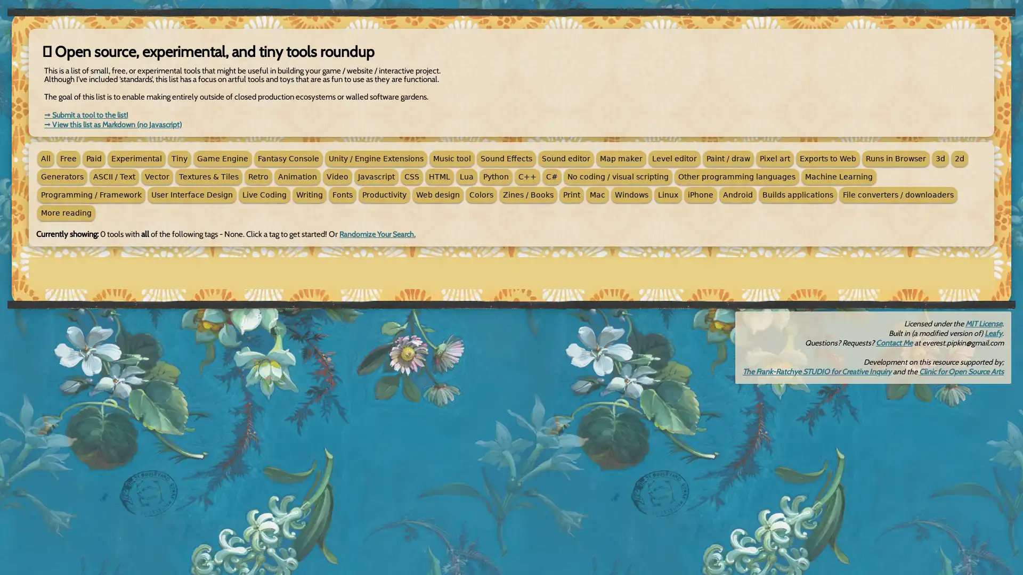  Describe the element at coordinates (940, 158) in the screenshot. I see `3d` at that location.